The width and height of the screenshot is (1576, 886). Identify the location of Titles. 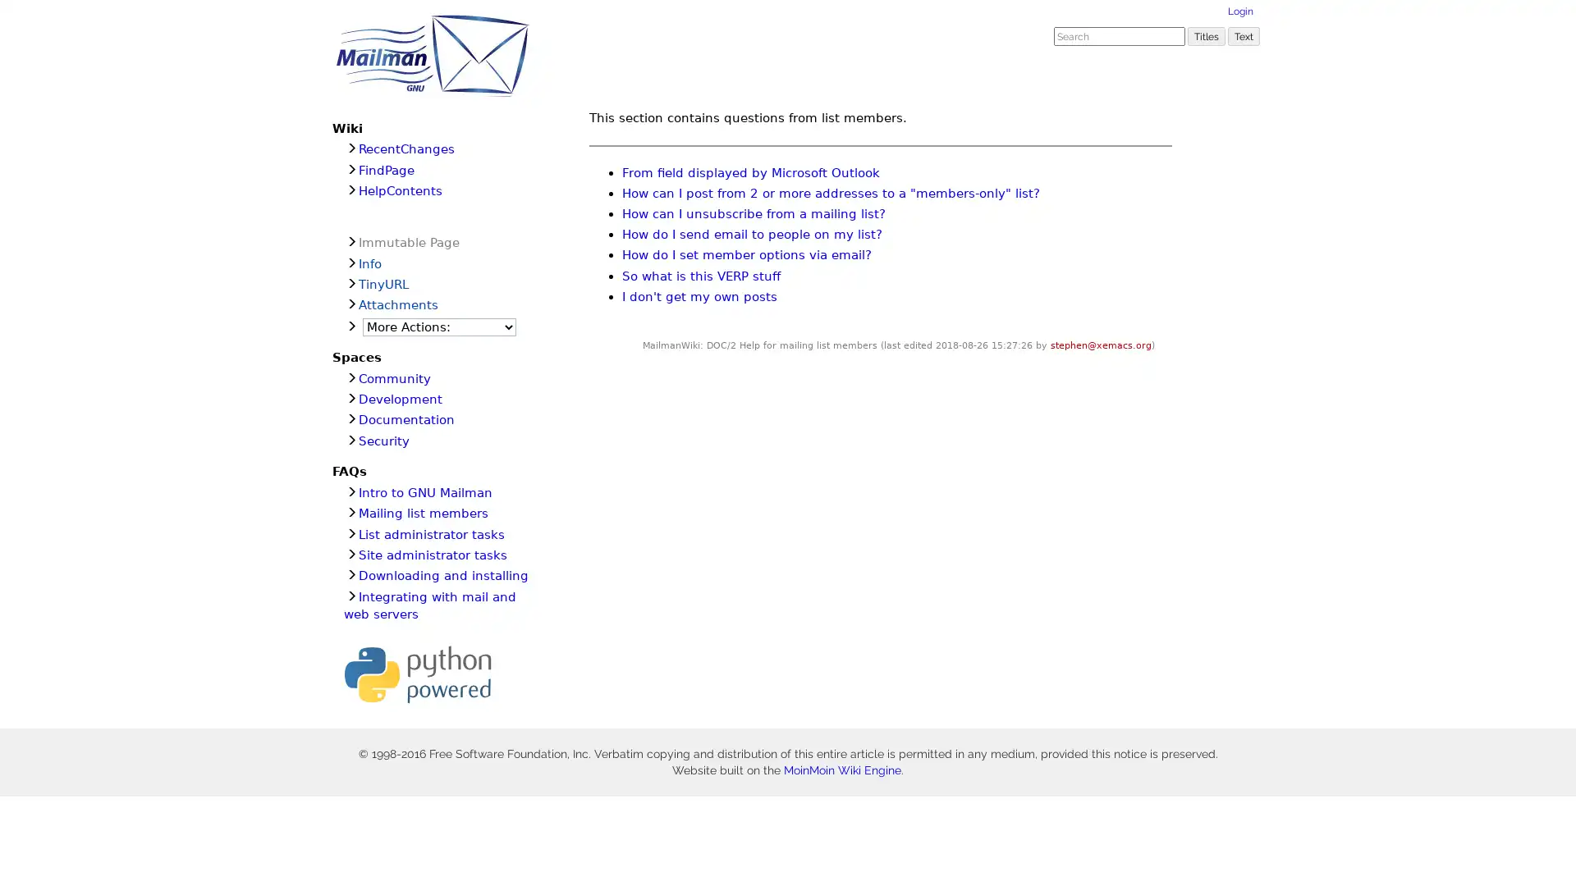
(1206, 35).